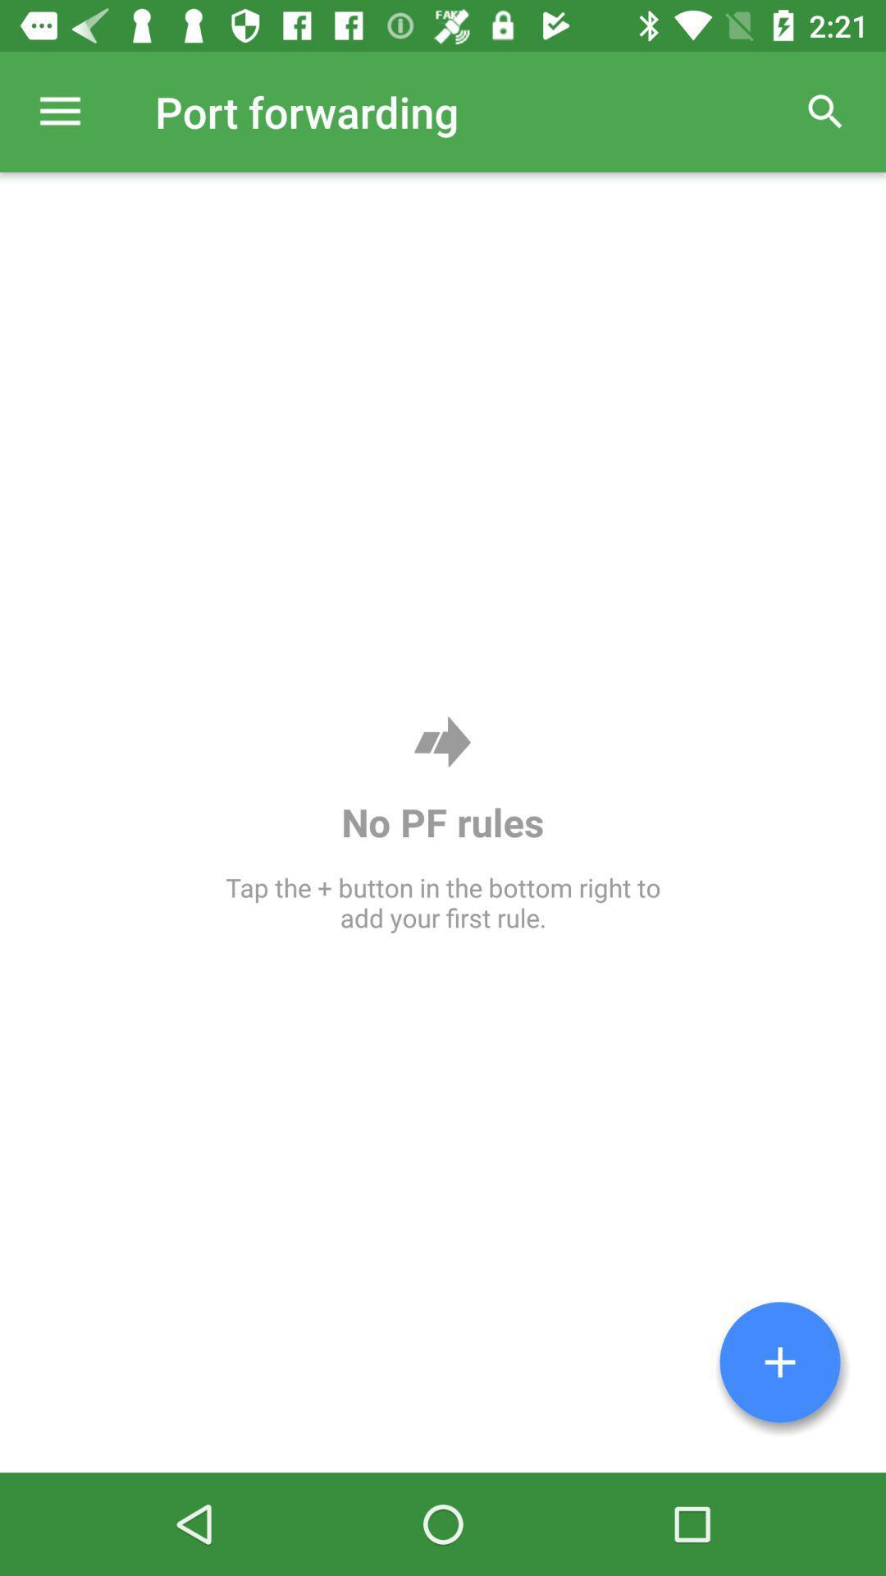 The image size is (886, 1576). I want to click on item at the top right corner, so click(825, 111).